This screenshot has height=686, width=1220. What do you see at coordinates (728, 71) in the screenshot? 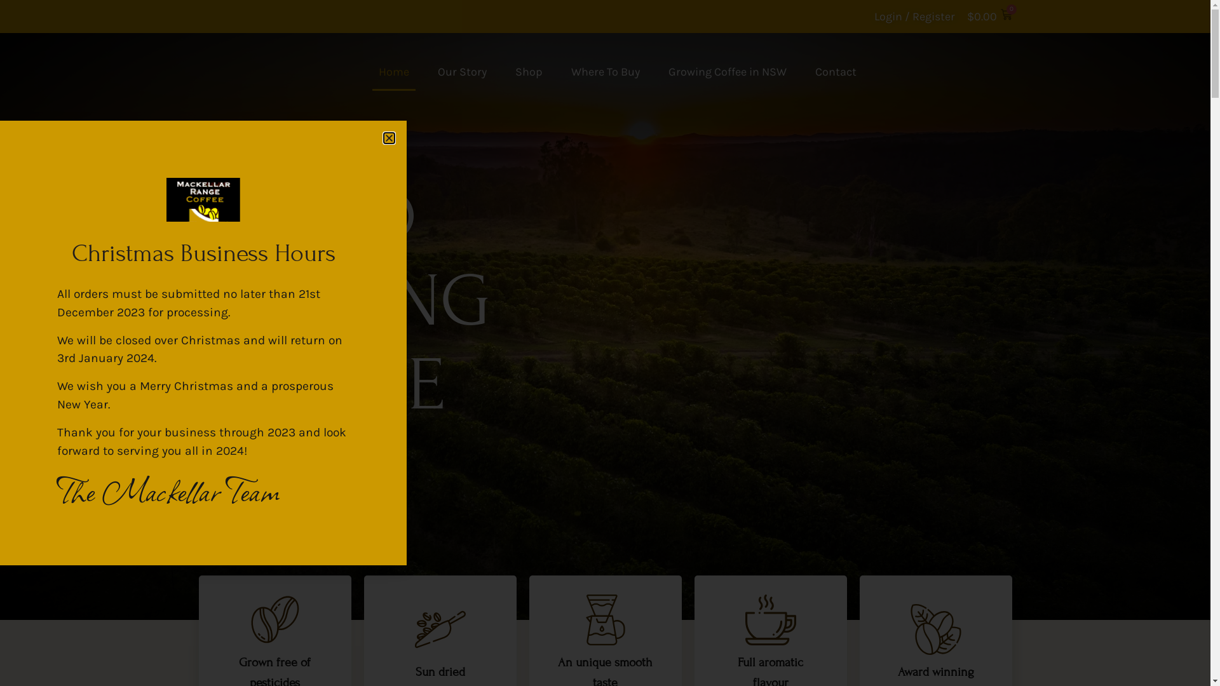
I see `'Growing Coffee in NSW'` at bounding box center [728, 71].